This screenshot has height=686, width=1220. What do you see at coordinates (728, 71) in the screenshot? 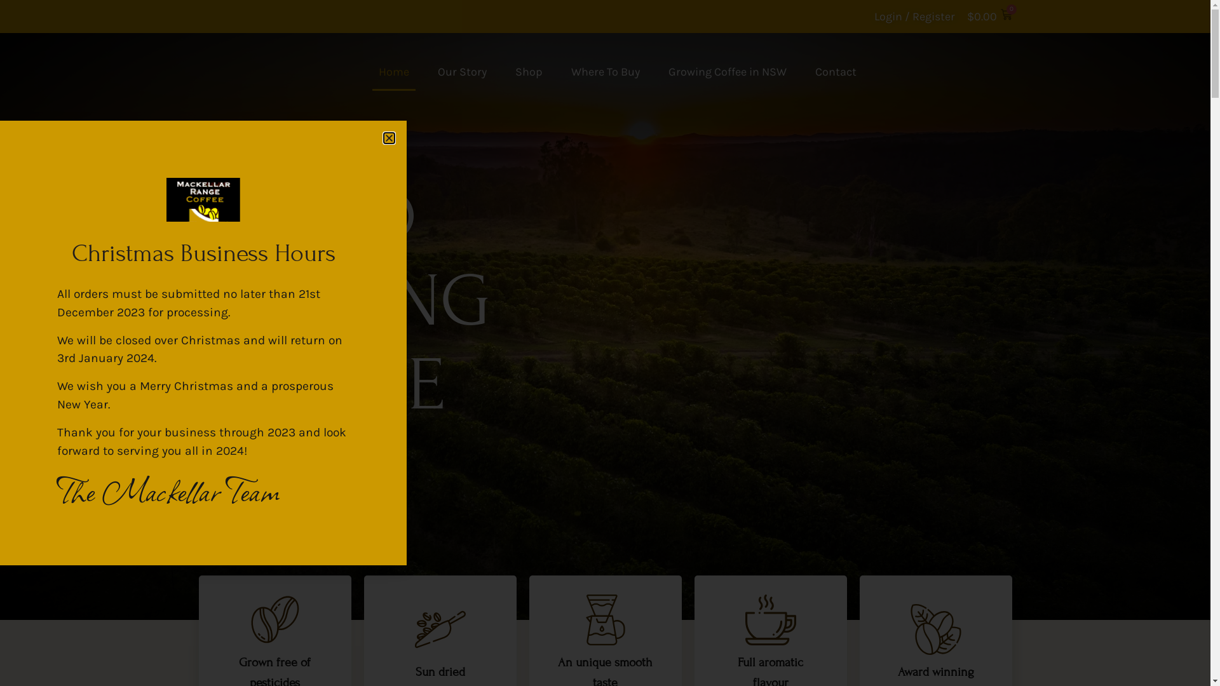
I see `'Growing Coffee in NSW'` at bounding box center [728, 71].